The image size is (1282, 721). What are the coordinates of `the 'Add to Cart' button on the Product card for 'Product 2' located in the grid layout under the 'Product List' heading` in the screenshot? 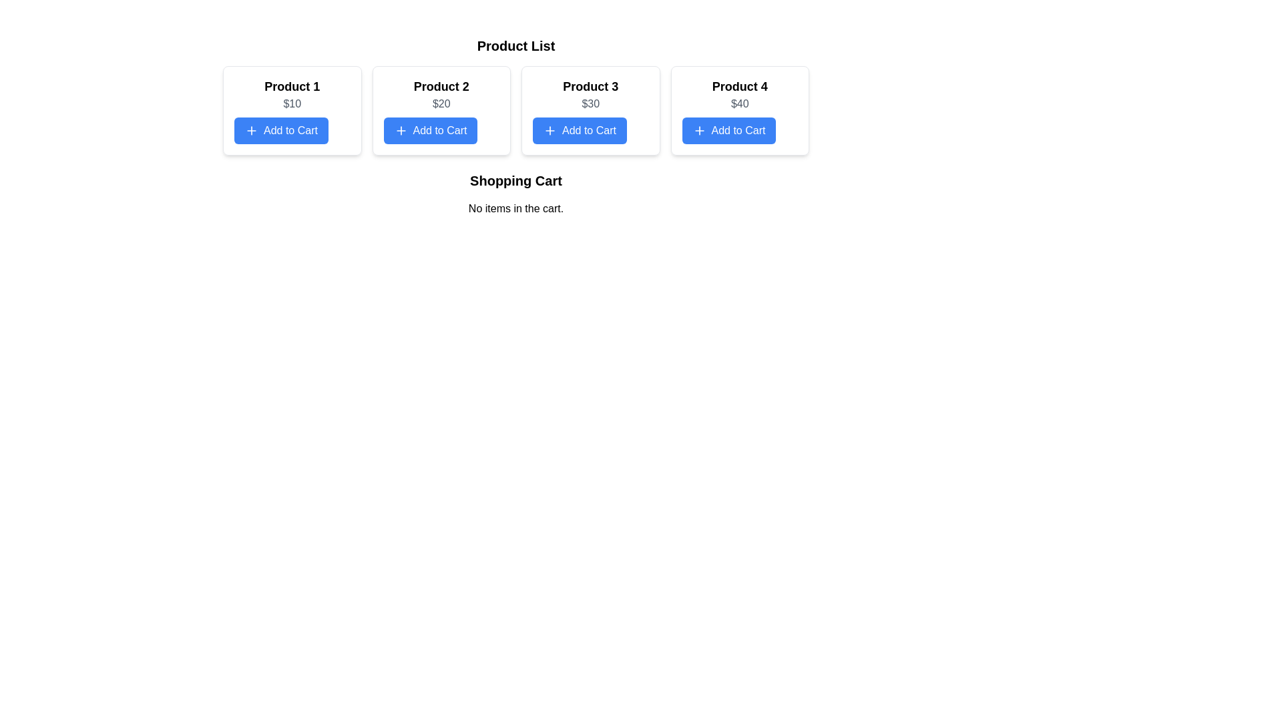 It's located at (441, 109).